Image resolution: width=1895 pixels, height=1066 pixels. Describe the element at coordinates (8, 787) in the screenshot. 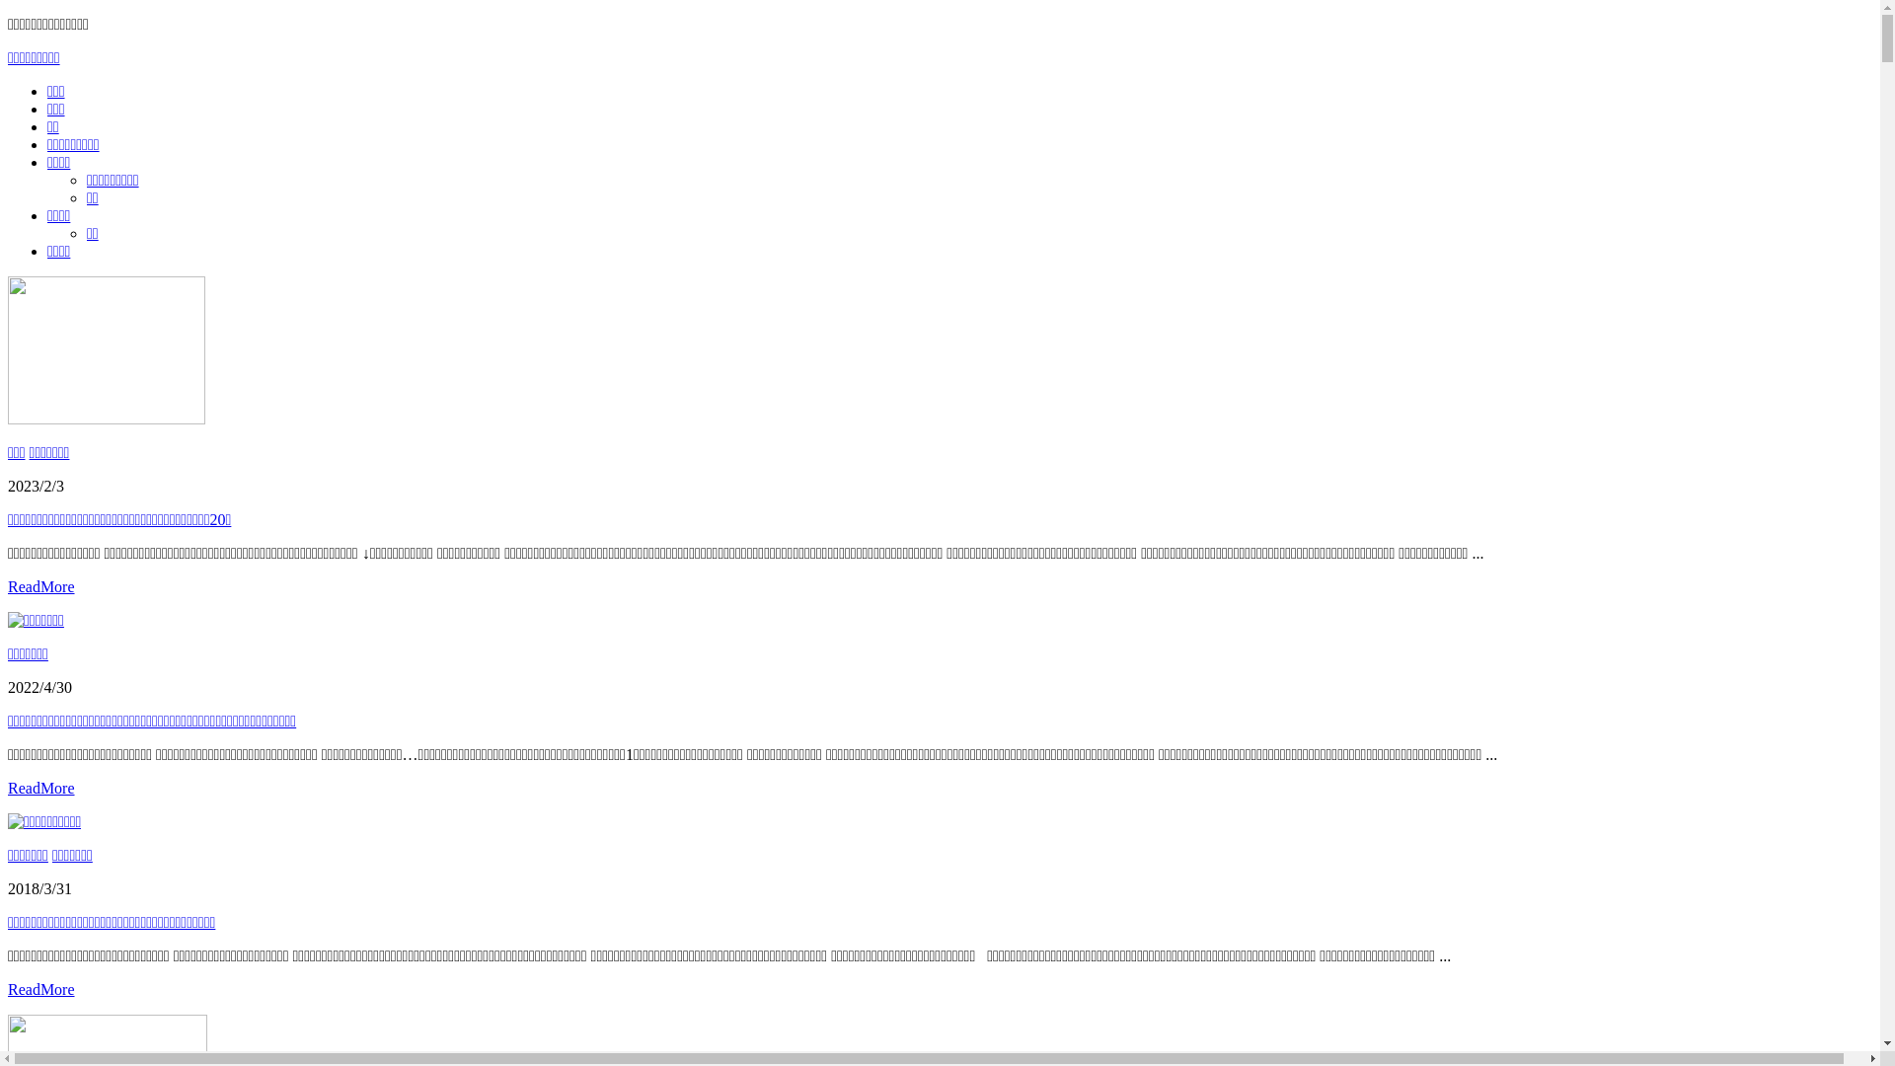

I see `'ReadMore'` at that location.